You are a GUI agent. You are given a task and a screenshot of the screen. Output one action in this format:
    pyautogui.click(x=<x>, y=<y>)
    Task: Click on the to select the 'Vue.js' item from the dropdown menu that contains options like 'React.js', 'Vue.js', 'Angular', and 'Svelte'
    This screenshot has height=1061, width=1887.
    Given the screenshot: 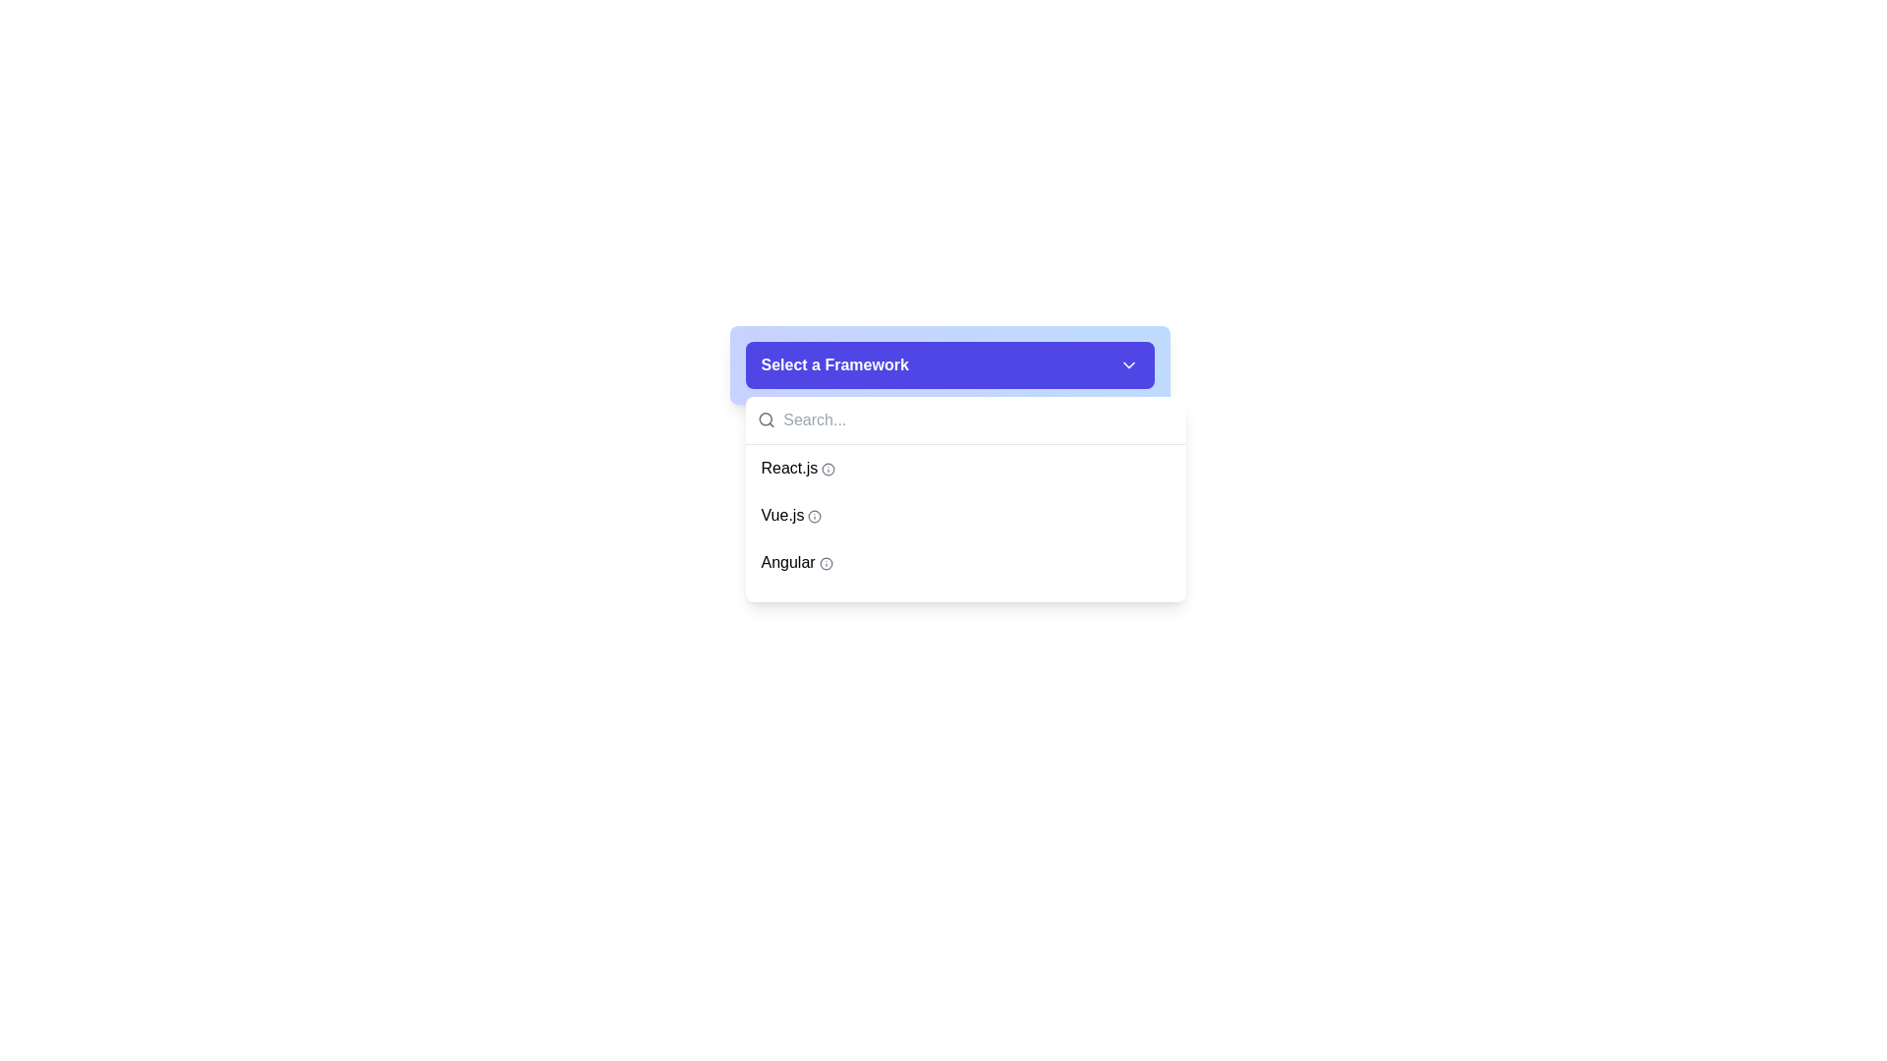 What is the action you would take?
    pyautogui.click(x=965, y=522)
    